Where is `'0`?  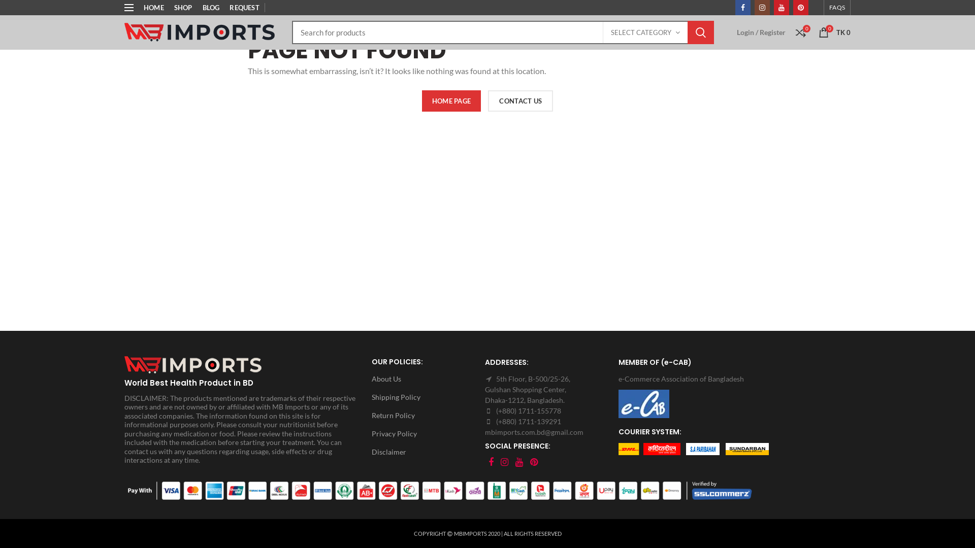
'0 is located at coordinates (834, 32).